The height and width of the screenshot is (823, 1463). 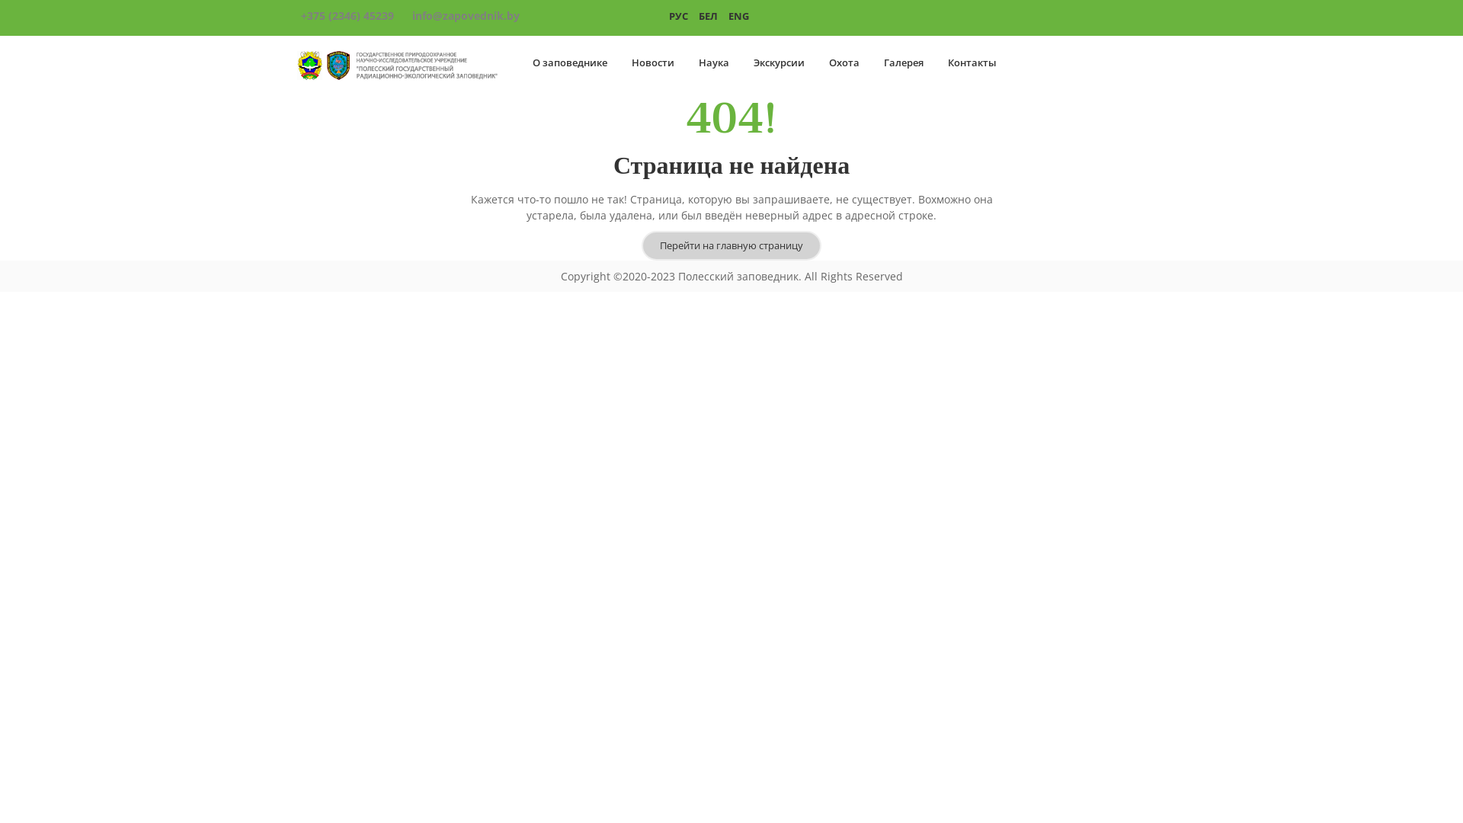 What do you see at coordinates (1055, 17) in the screenshot?
I see `'OK.RU'` at bounding box center [1055, 17].